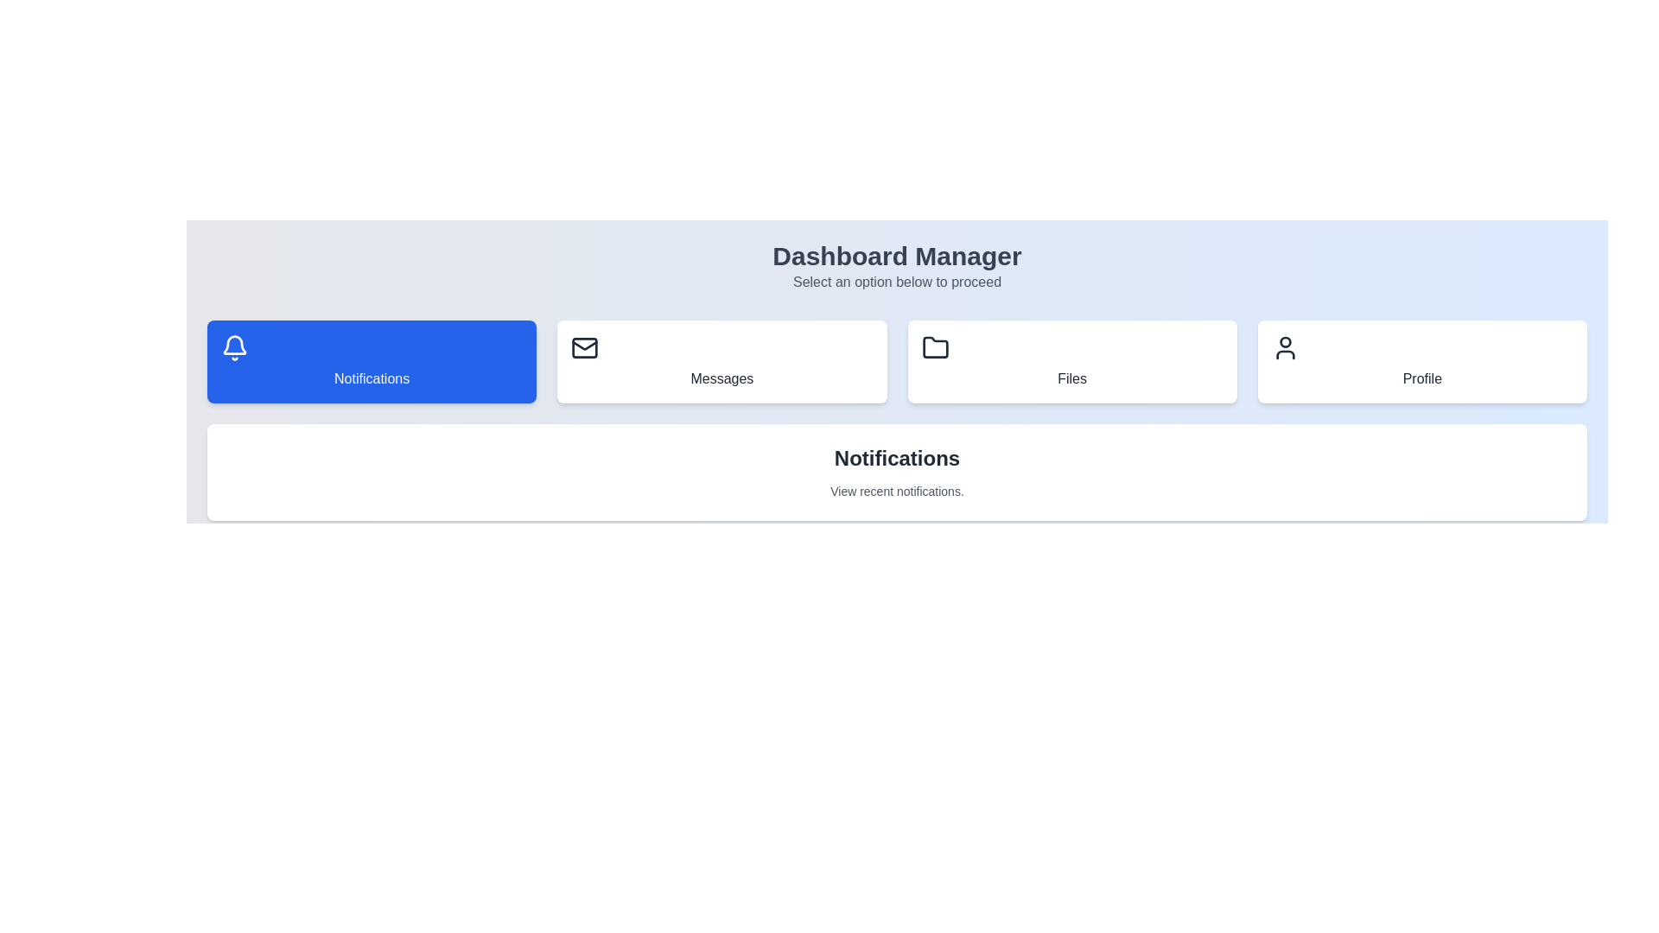 This screenshot has height=933, width=1659. Describe the element at coordinates (721, 361) in the screenshot. I see `the 'Messages' button, which is the second item in a row of four elements` at that location.